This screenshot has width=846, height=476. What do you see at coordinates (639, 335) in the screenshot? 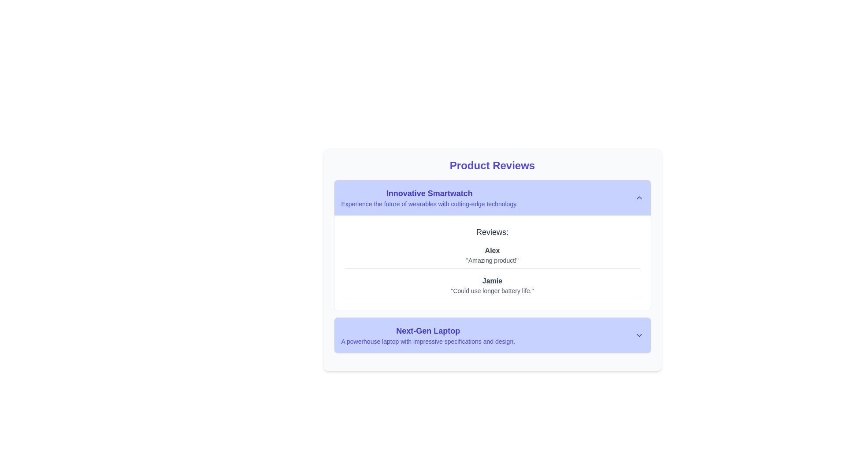
I see `the downward chevron icon` at bounding box center [639, 335].